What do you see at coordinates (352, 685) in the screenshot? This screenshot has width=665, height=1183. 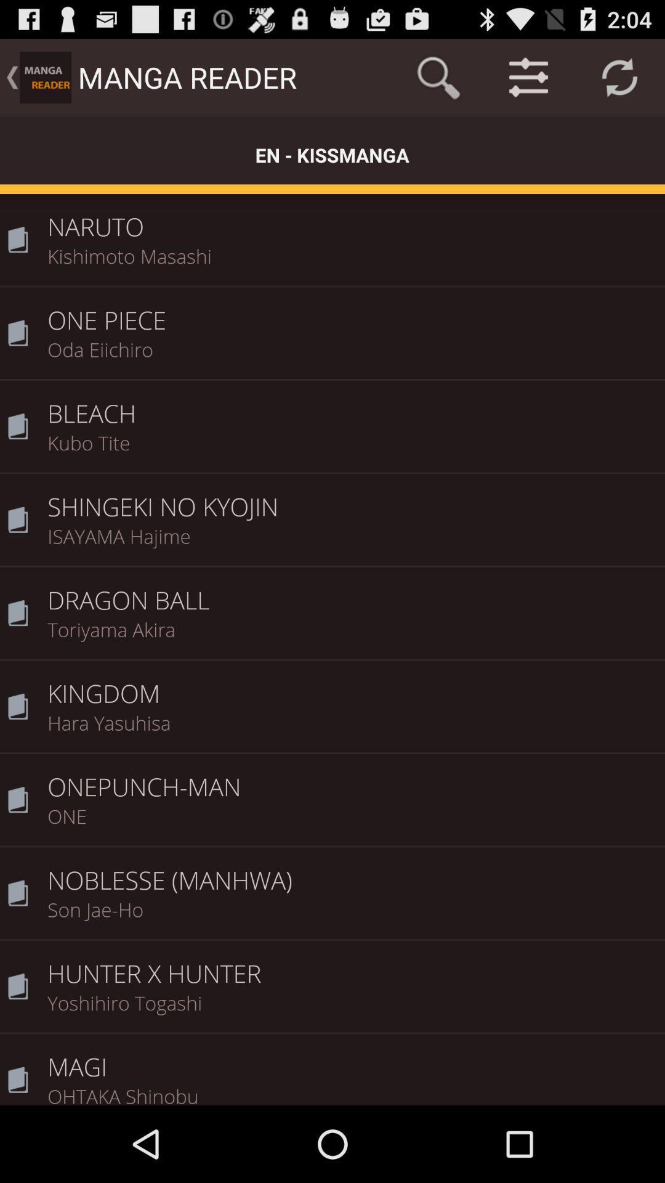 I see `the item below the toriyama akira` at bounding box center [352, 685].